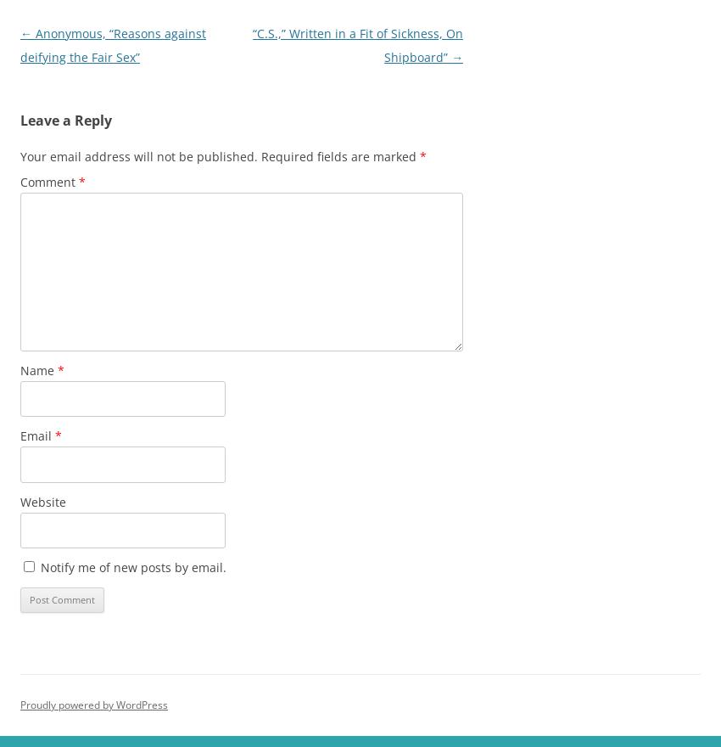 The height and width of the screenshot is (747, 721). Describe the element at coordinates (93, 704) in the screenshot. I see `'Proudly powered by WordPress'` at that location.